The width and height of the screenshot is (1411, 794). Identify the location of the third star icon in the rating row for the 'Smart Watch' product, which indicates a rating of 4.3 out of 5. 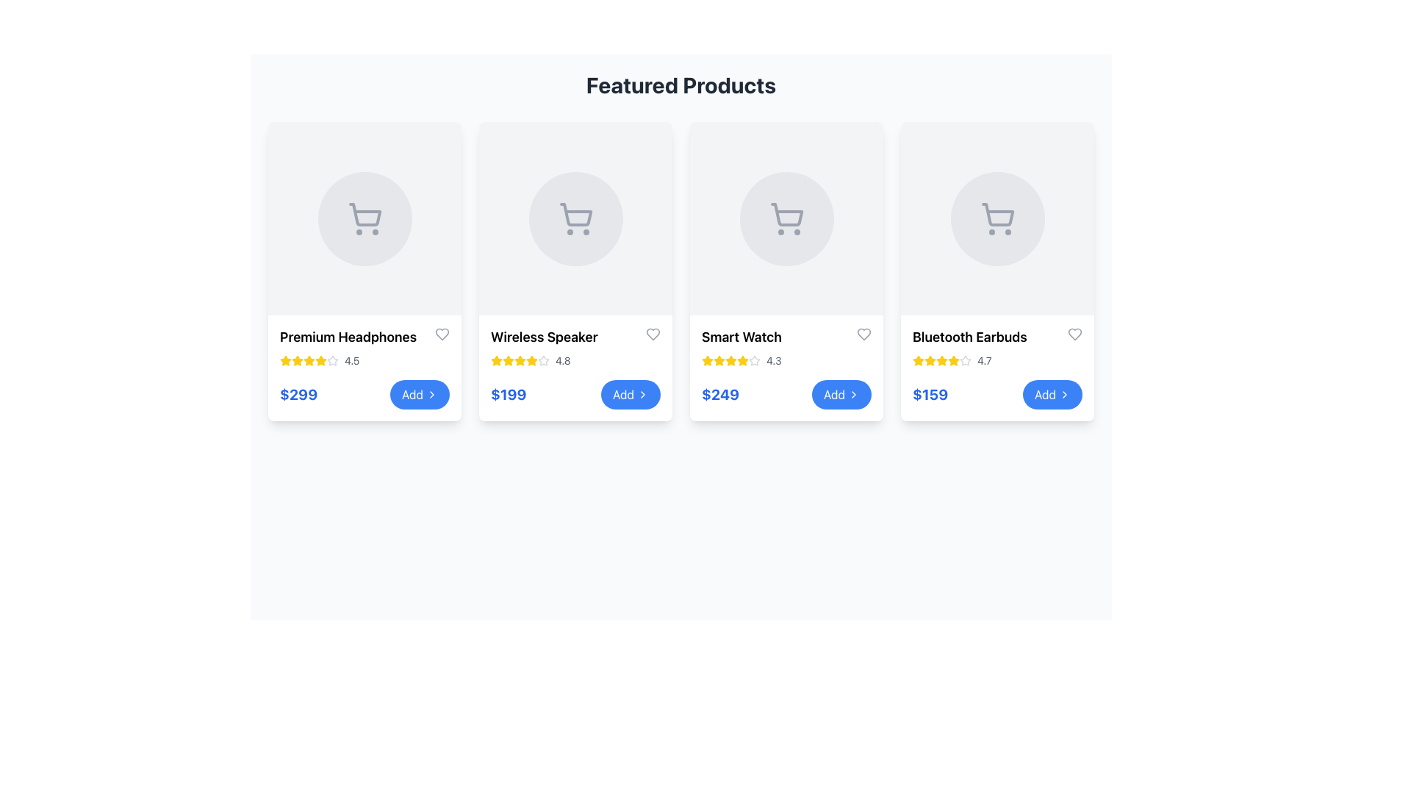
(719, 360).